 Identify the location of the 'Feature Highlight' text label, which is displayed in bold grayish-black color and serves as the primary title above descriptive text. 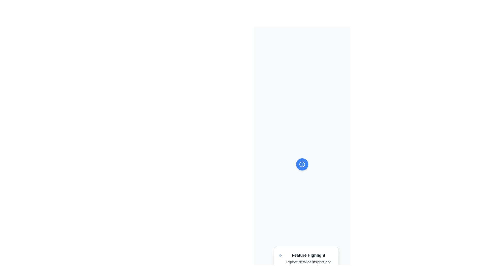
(308, 255).